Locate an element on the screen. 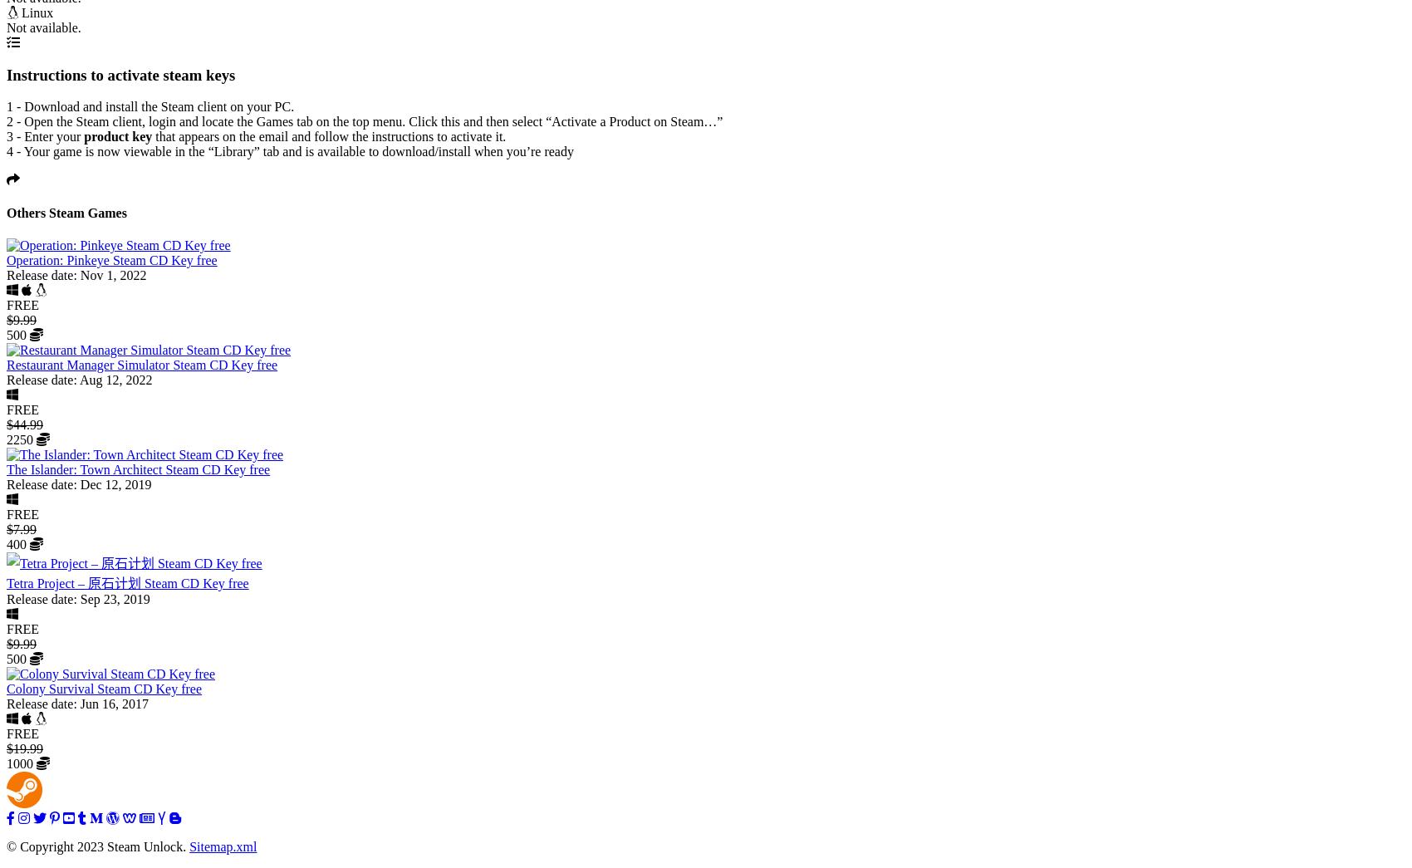 The width and height of the screenshot is (1412, 868). 'Operation: Pinkeye Steam CD Key free' is located at coordinates (110, 259).